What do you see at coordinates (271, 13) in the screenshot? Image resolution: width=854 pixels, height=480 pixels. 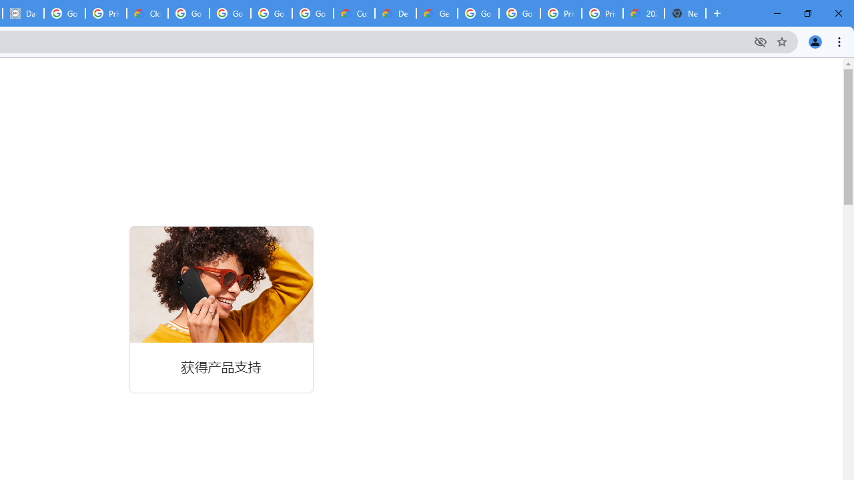 I see `'Google Workspace - Specific Terms'` at bounding box center [271, 13].